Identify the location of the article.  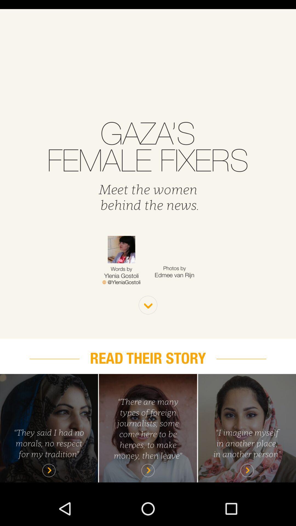
(49, 428).